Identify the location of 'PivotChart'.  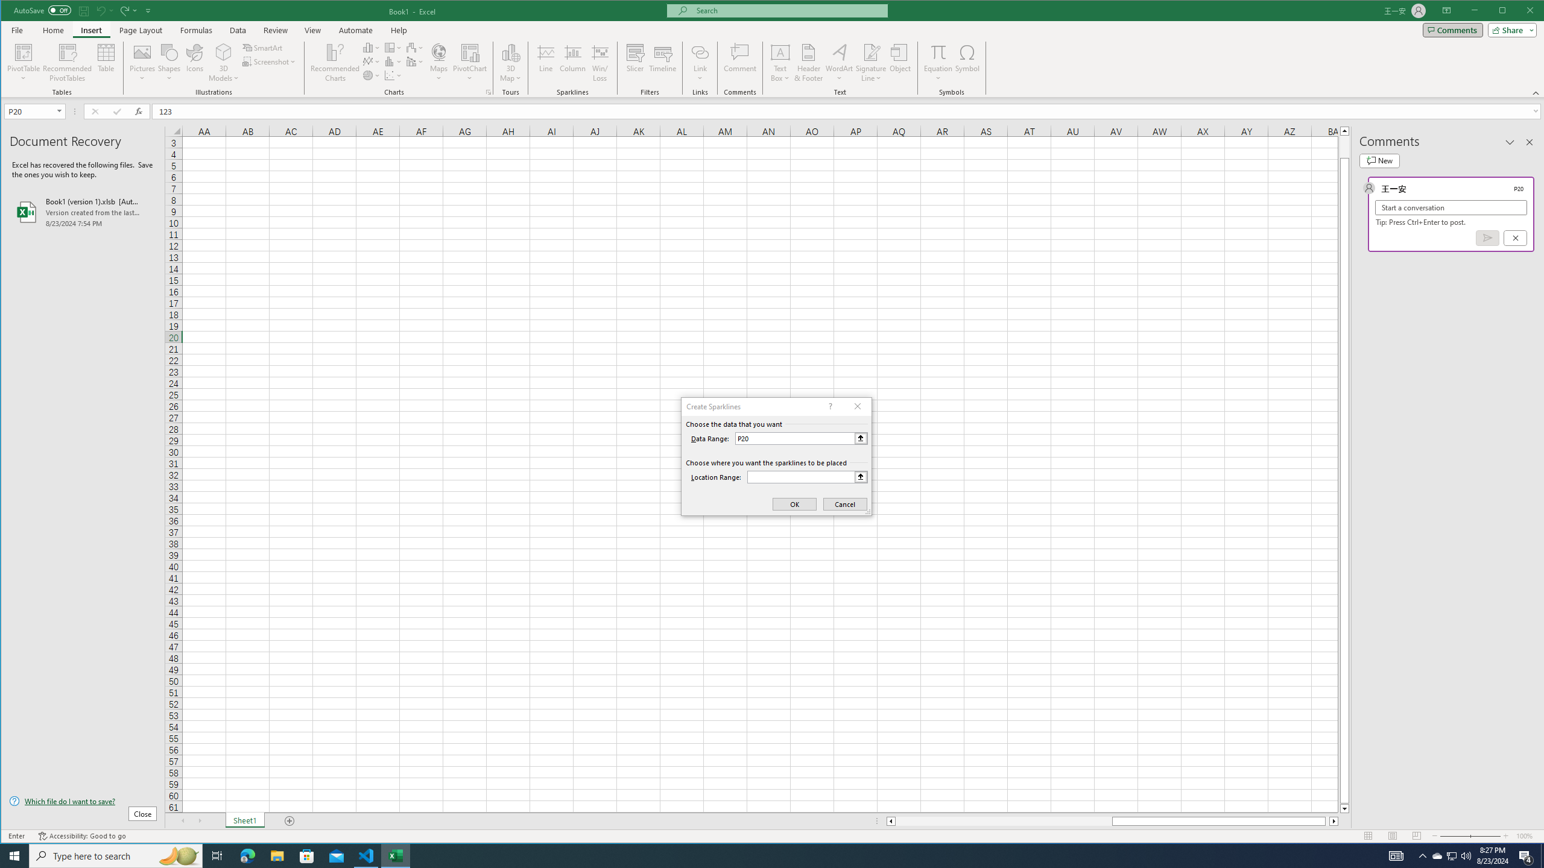
(469, 51).